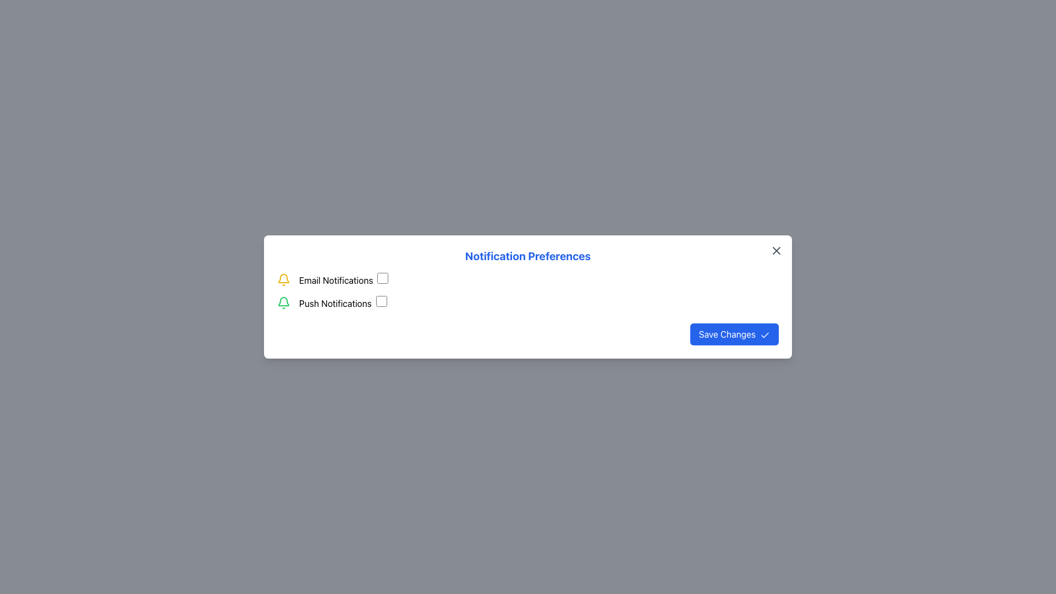 This screenshot has height=594, width=1056. What do you see at coordinates (283, 279) in the screenshot?
I see `the decorative notification bell icon with a yellow outline, located adjacent to the 'Email Notifications' label in the 'Notification Preferences' section of the interface` at bounding box center [283, 279].